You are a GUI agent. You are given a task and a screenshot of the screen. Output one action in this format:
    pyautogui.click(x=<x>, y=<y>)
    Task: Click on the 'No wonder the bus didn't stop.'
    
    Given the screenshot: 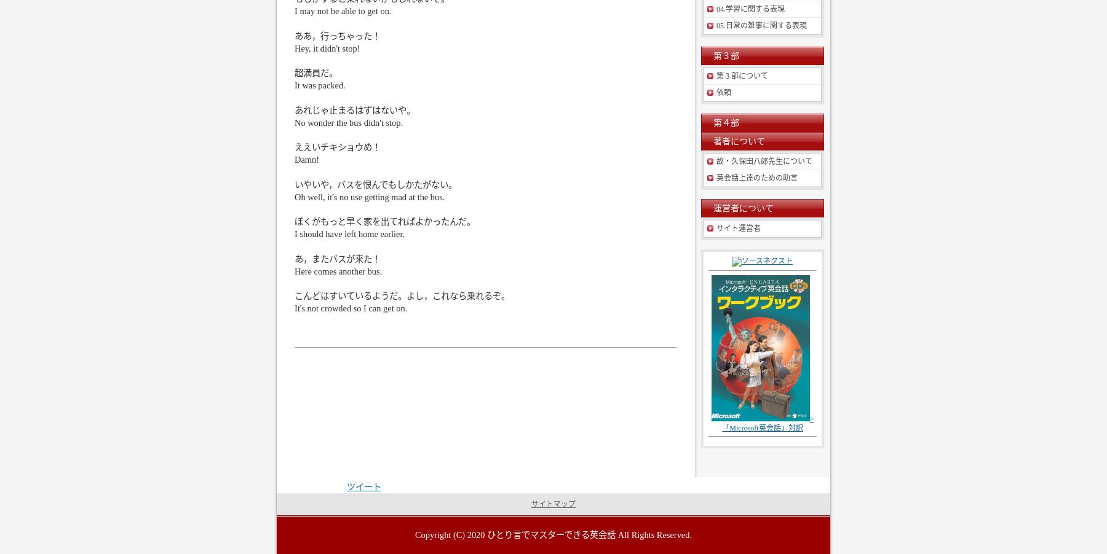 What is the action you would take?
    pyautogui.click(x=349, y=121)
    